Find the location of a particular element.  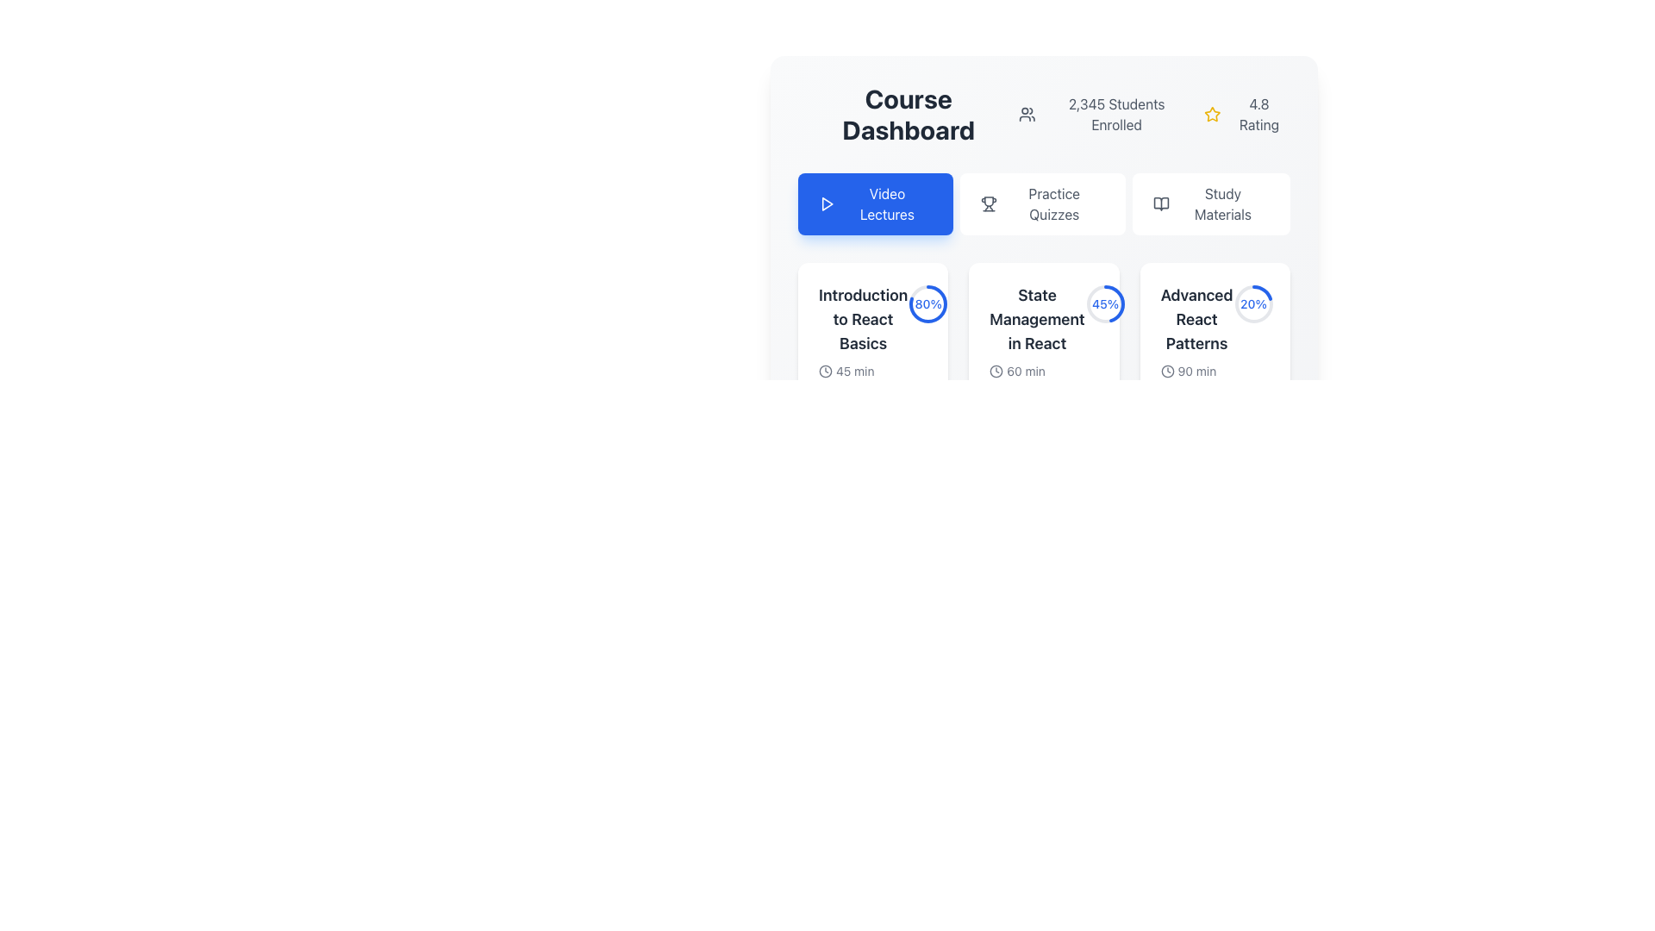

the circular progress indicator for the 'Introduction to React Basics' course located at the bottom-left card, just above the card's duration information is located at coordinates (927, 303).